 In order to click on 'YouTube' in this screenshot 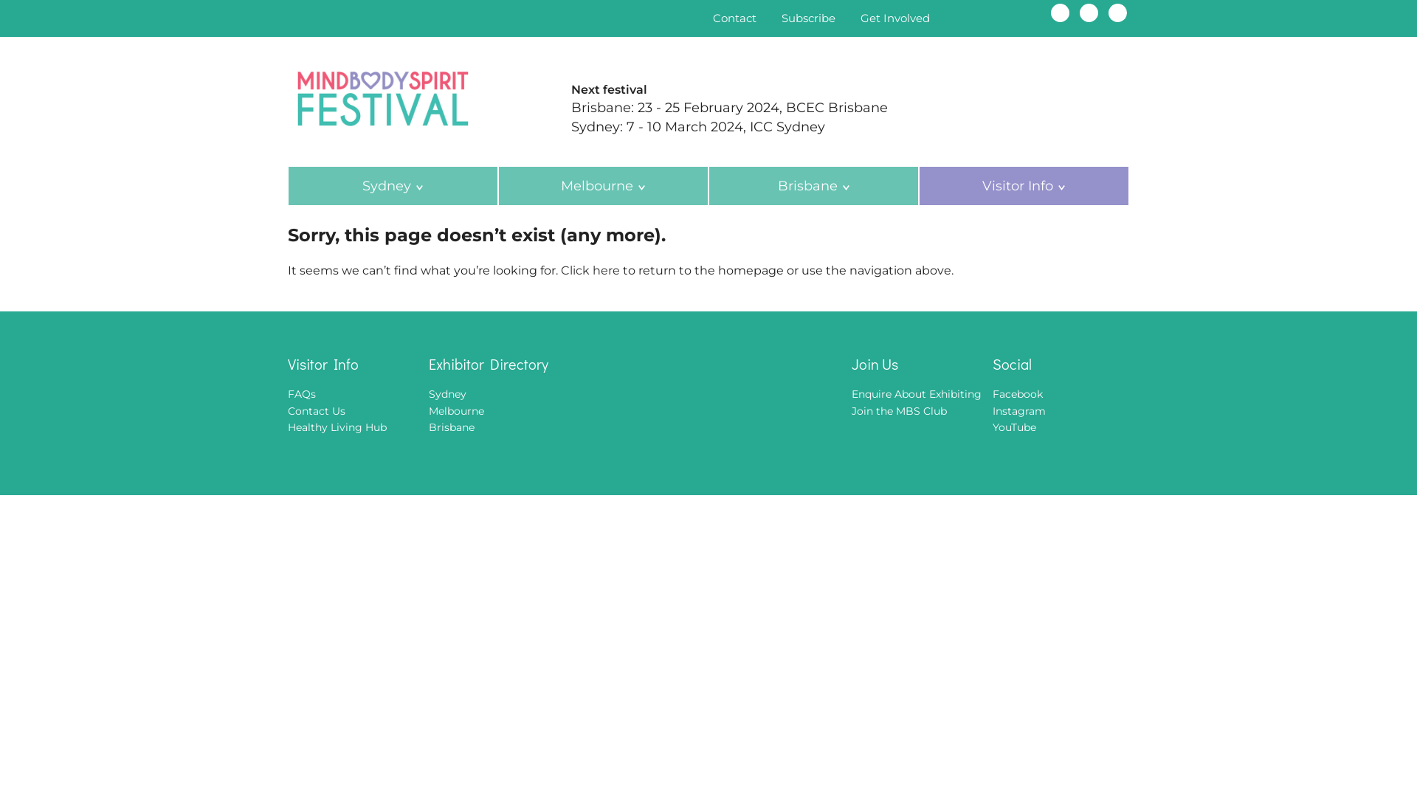, I will do `click(1109, 13)`.